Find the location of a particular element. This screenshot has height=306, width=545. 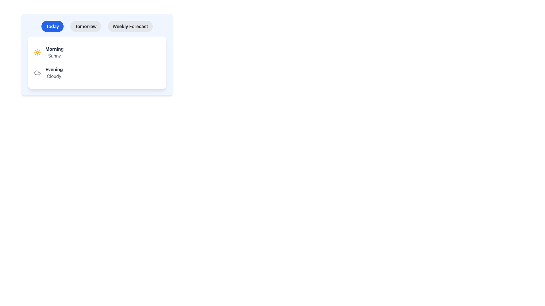

the 'Morning' text label located in the top left portion of the 'Today' weather forecast card, which is directly above the 'Sunny' label and to the right of a small sun icon is located at coordinates (54, 49).